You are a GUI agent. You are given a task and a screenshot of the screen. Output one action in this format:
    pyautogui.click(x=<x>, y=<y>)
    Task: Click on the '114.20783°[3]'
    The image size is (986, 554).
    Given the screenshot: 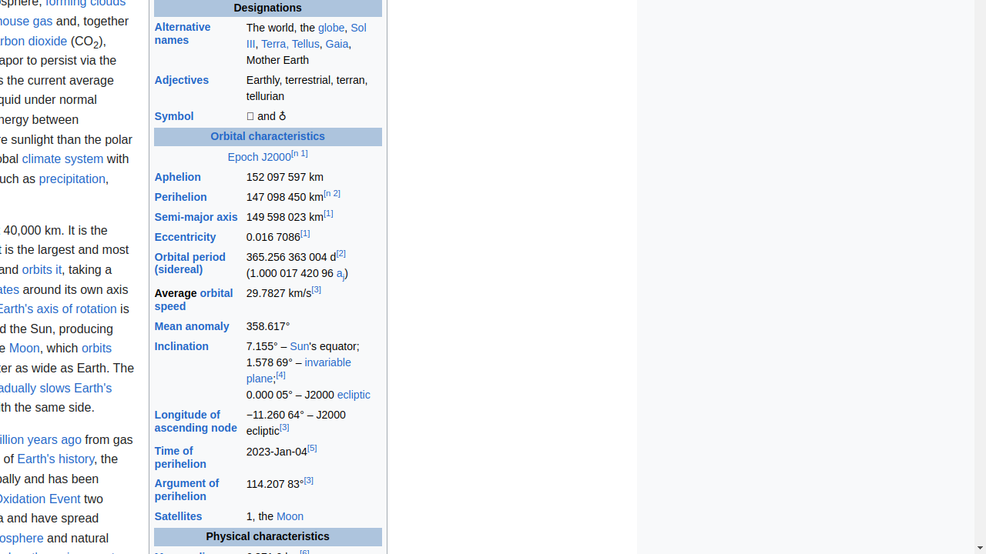 What is the action you would take?
    pyautogui.click(x=313, y=490)
    